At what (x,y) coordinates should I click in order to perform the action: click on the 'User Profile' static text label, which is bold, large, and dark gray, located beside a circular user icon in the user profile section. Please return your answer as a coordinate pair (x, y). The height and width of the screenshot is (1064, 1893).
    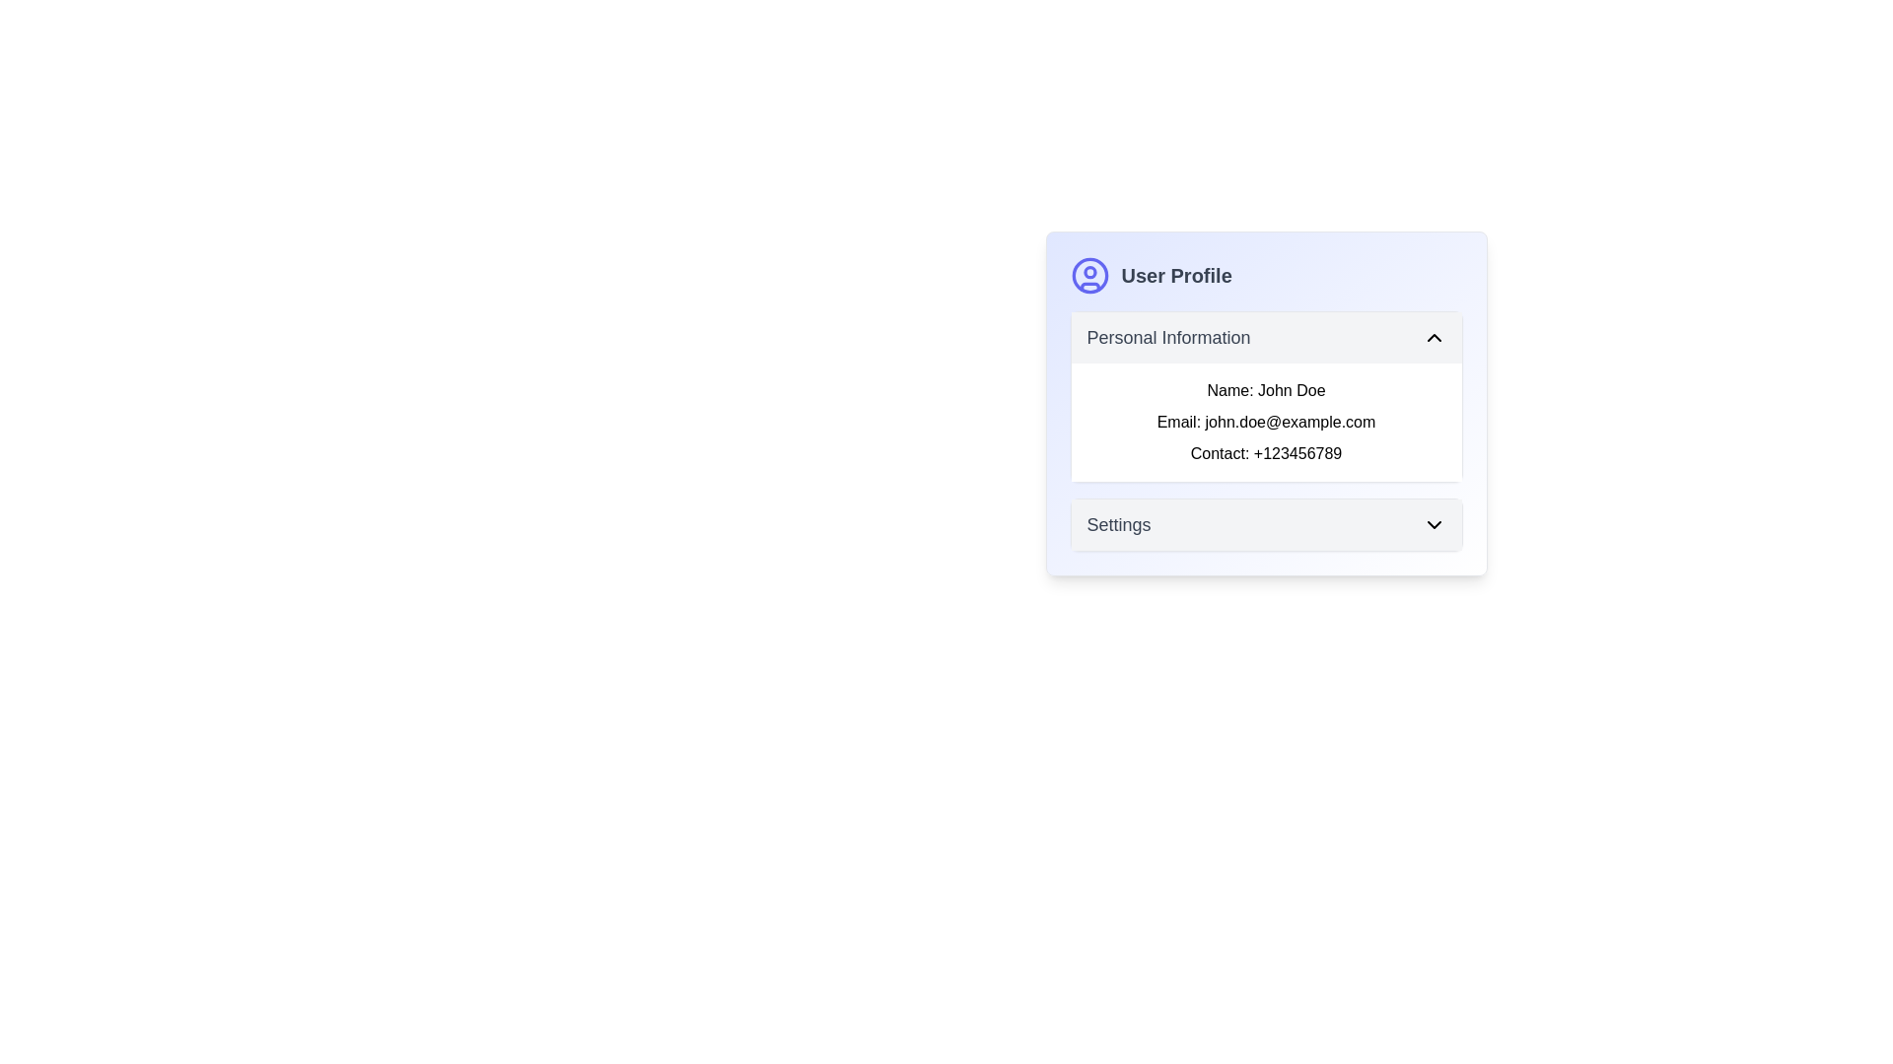
    Looking at the image, I should click on (1176, 276).